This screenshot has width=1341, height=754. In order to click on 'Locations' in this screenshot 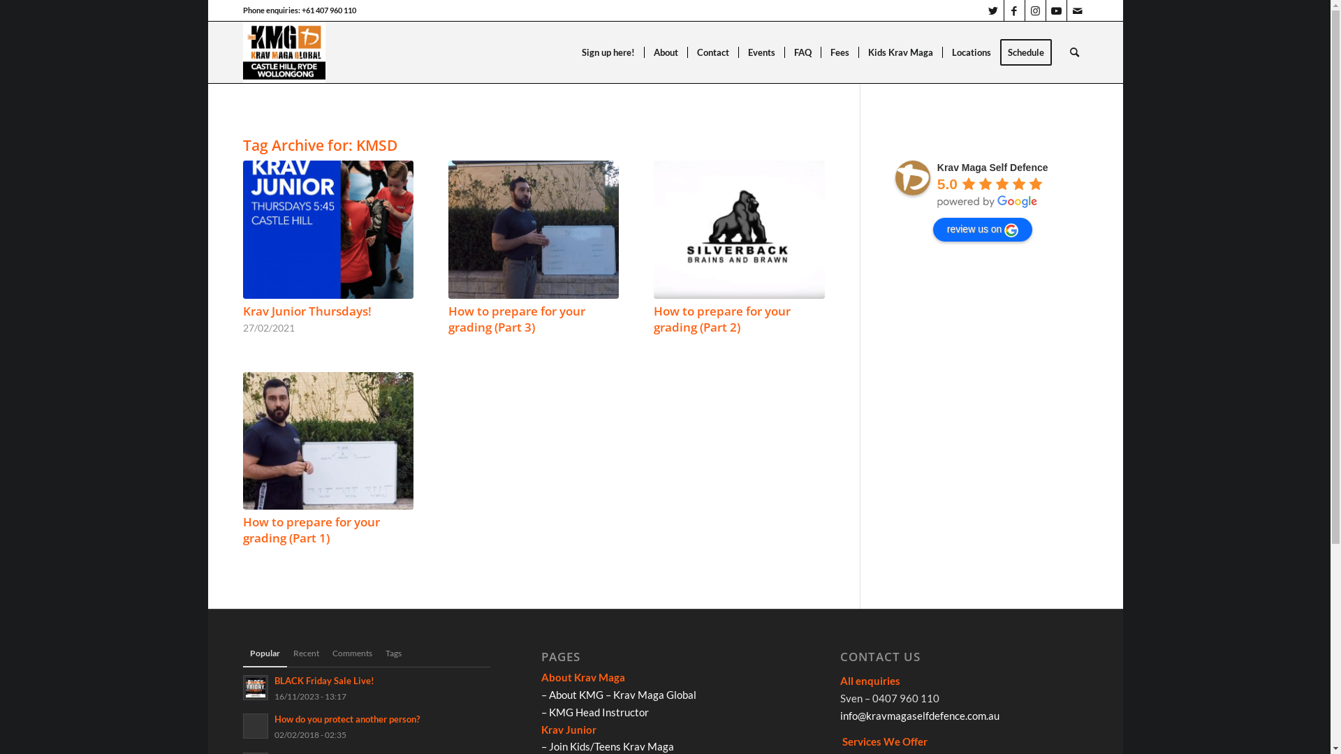, I will do `click(941, 51)`.